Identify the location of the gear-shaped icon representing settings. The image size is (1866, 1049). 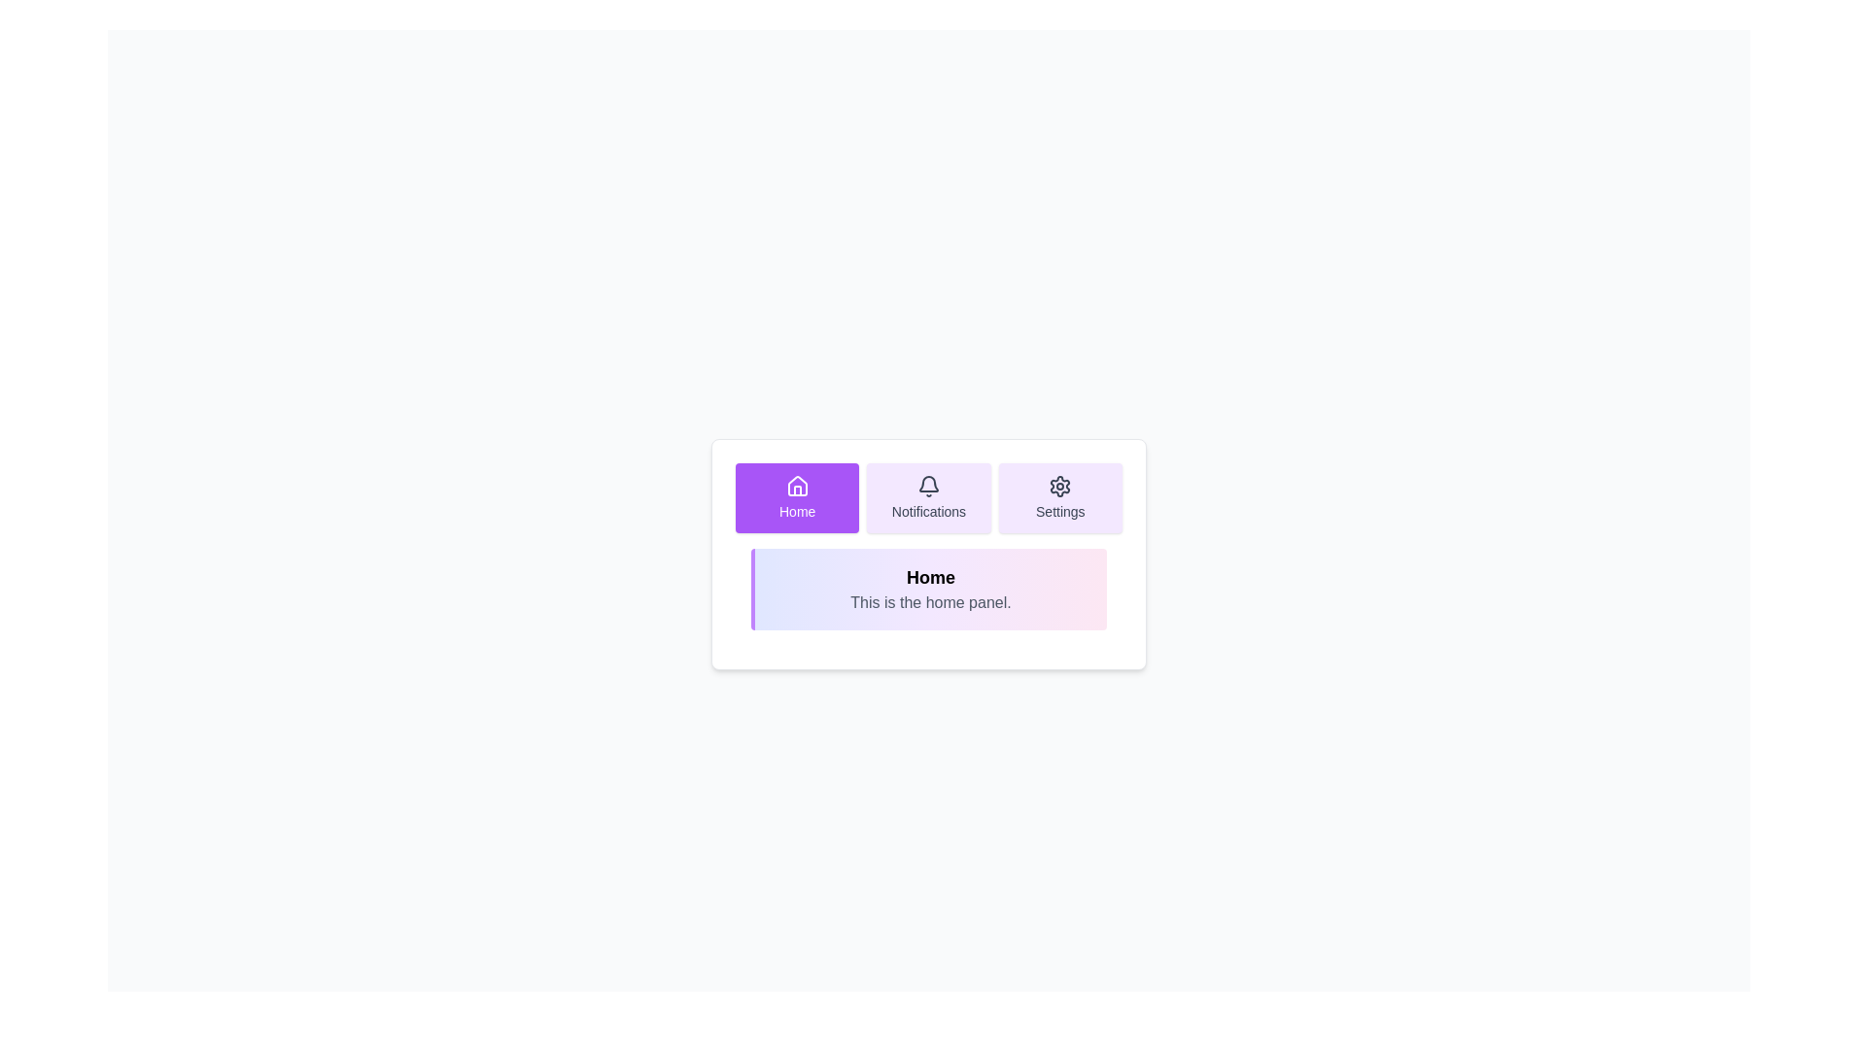
(1059, 486).